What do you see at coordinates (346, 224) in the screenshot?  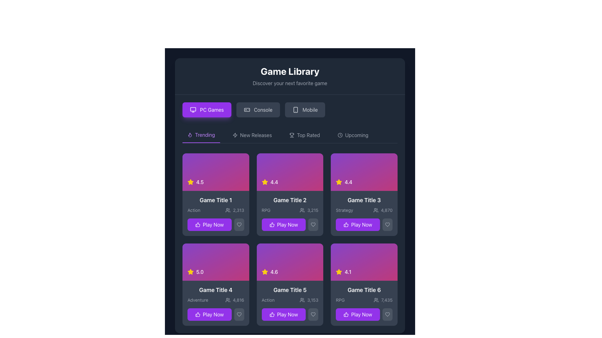 I see `the approval icon located` at bounding box center [346, 224].